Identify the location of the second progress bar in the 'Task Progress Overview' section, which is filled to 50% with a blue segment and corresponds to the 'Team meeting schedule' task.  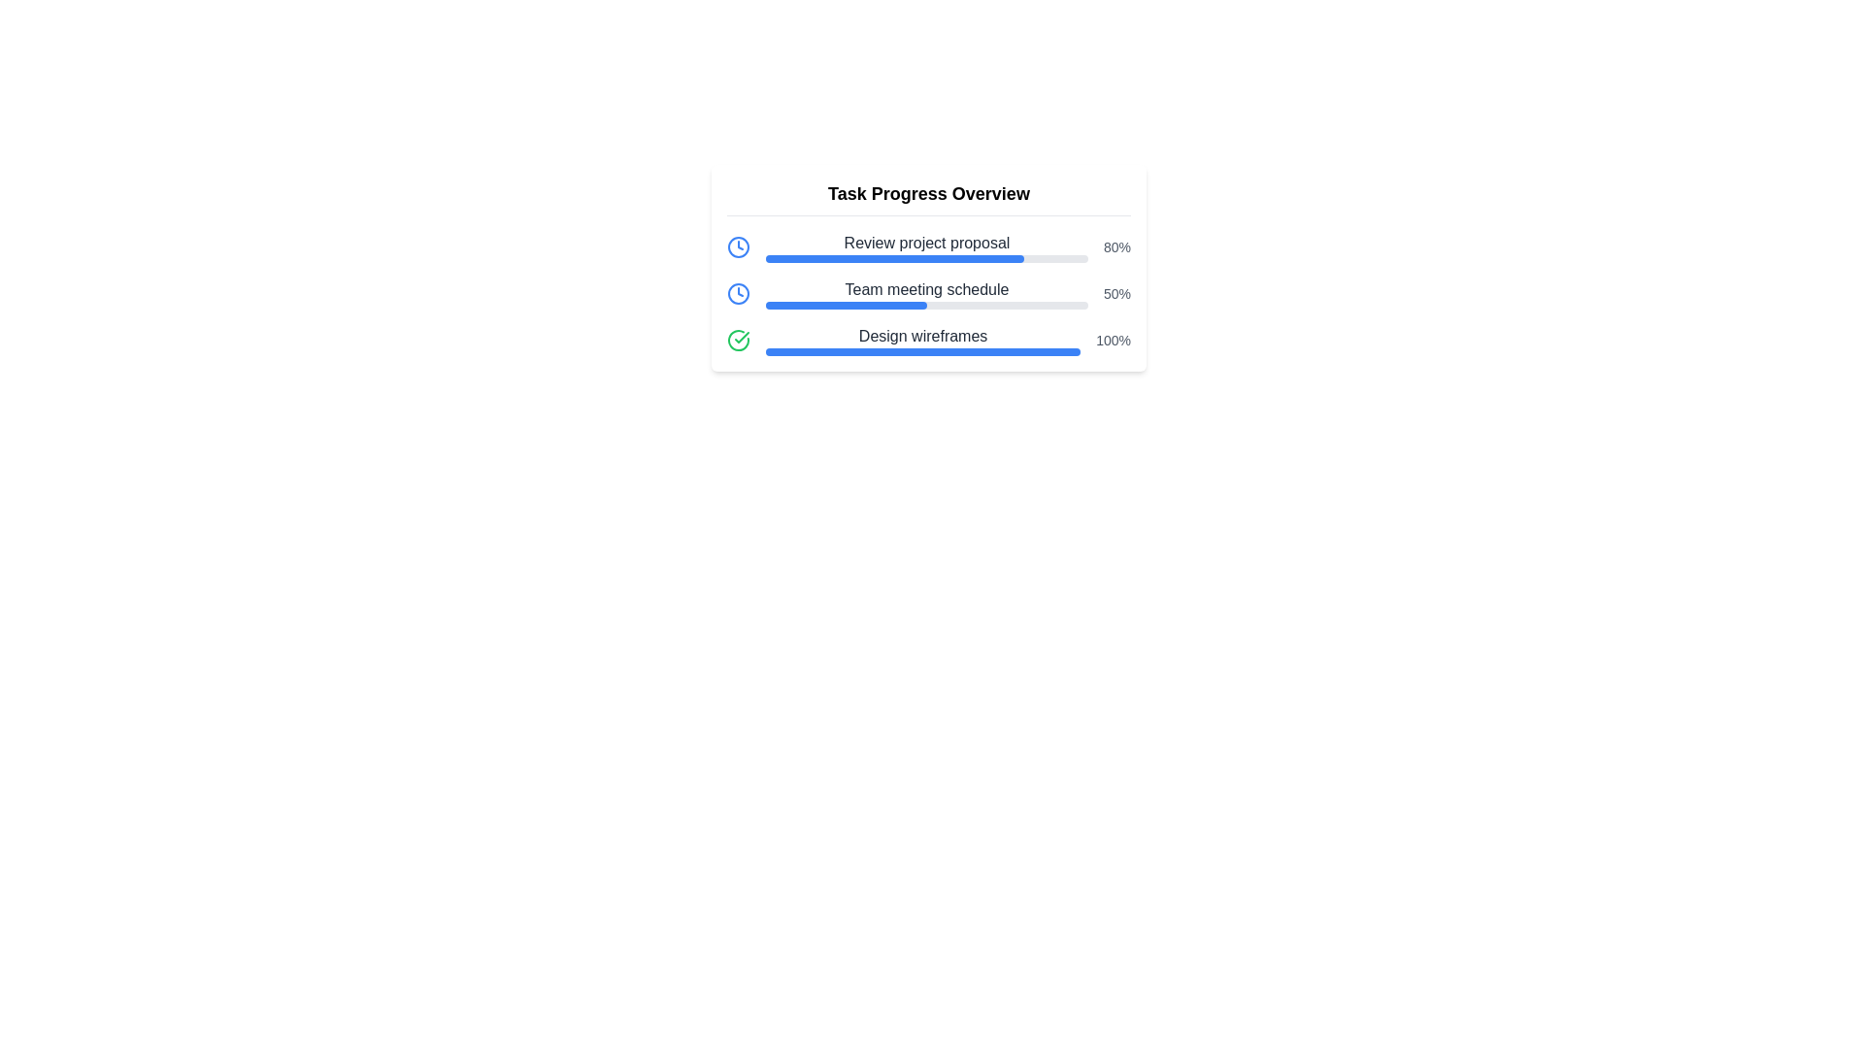
(926, 306).